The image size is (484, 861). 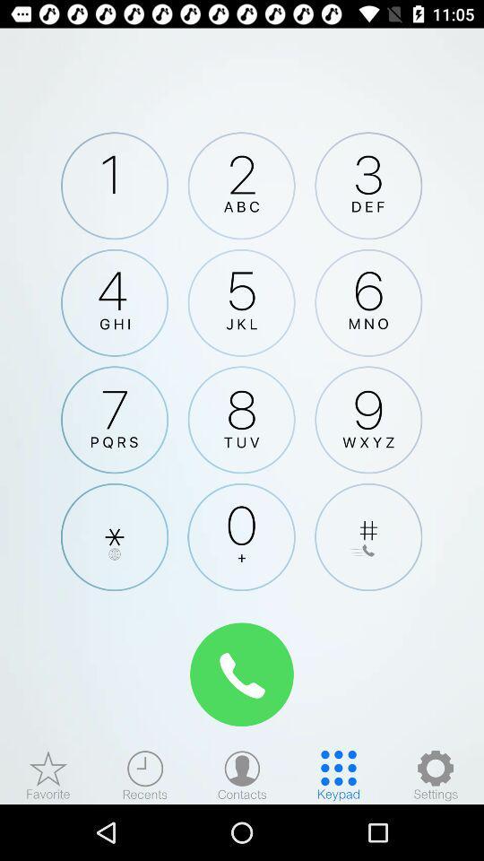 What do you see at coordinates (115, 186) in the screenshot?
I see `click button 1` at bounding box center [115, 186].